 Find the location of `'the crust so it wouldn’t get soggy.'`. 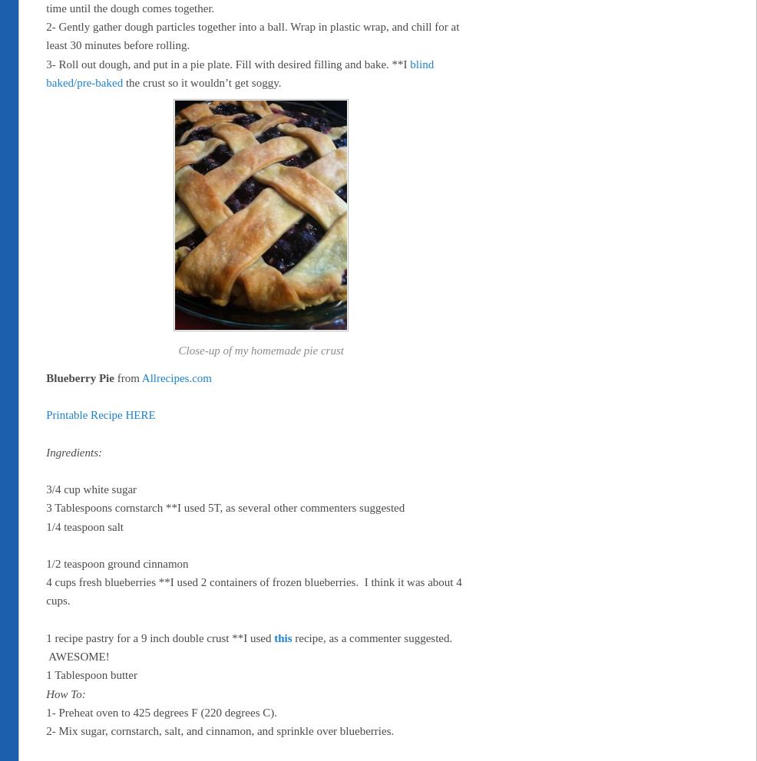

'the crust so it wouldn’t get soggy.' is located at coordinates (201, 81).